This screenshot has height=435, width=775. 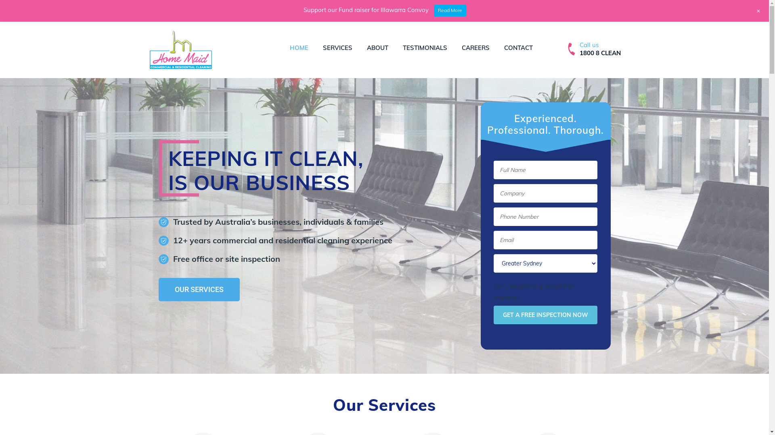 What do you see at coordinates (199, 289) in the screenshot?
I see `'OUR SERVICES'` at bounding box center [199, 289].